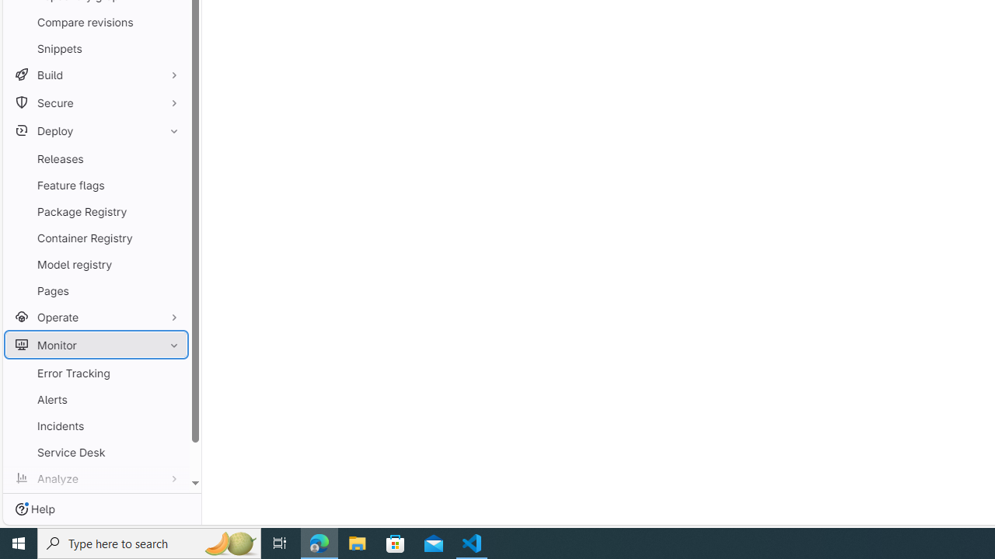 The image size is (995, 559). I want to click on 'Pin Container Registry', so click(170, 238).